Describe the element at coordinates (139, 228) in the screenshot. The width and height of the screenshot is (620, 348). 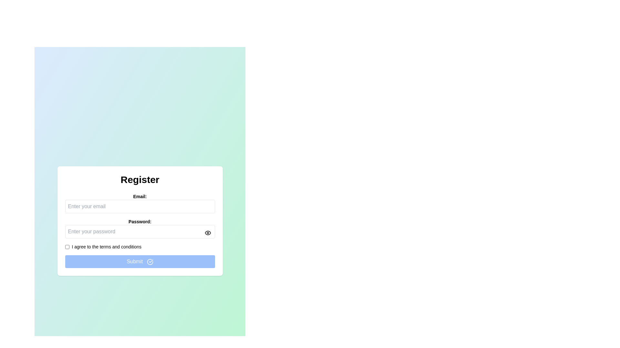
I see `the Password input field with a toggle button for visibility` at that location.